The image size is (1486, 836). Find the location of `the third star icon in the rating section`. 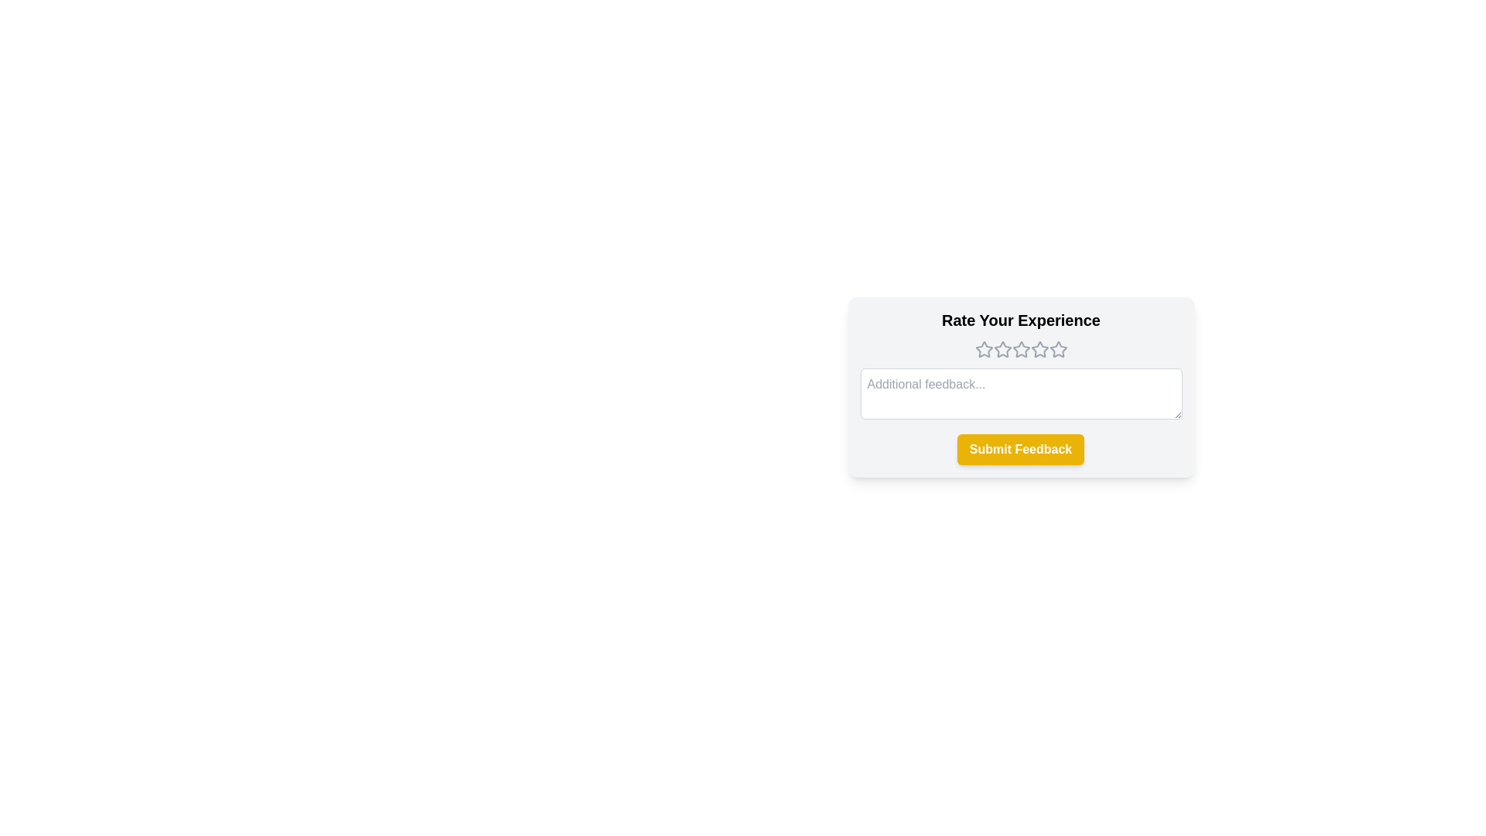

the third star icon in the rating section is located at coordinates (1002, 349).